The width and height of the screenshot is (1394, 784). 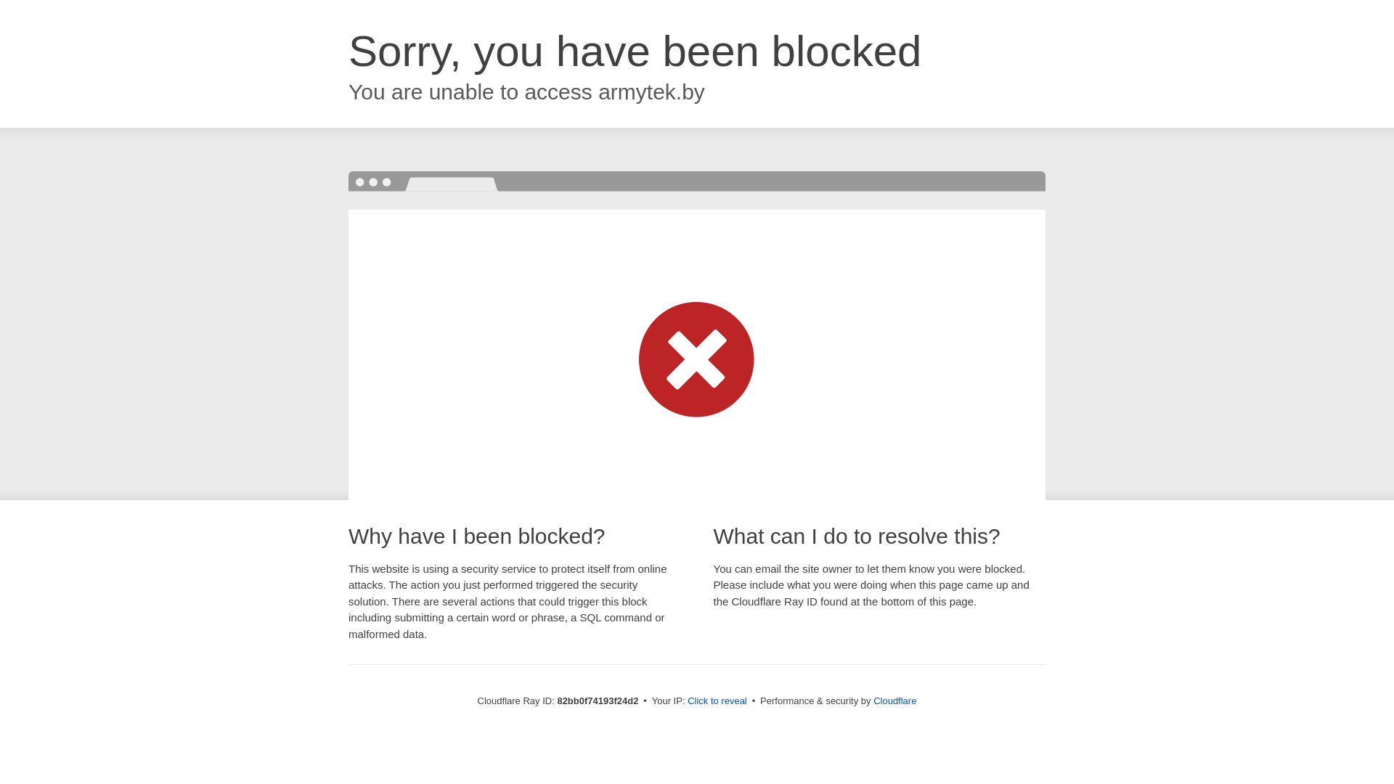 I want to click on 'Cloudflare', so click(x=894, y=700).